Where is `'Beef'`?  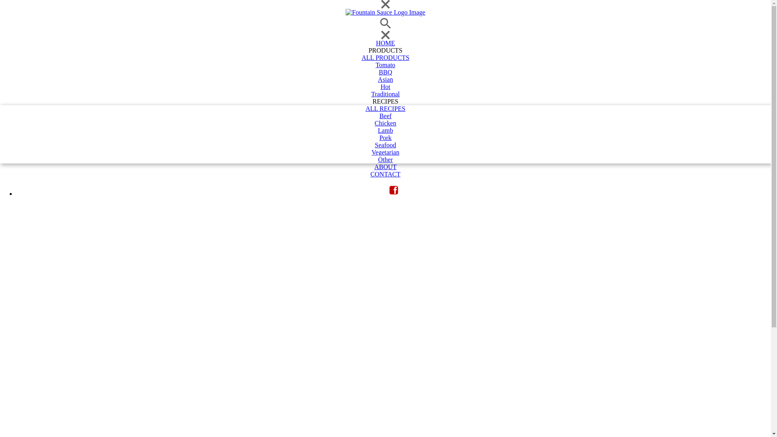
'Beef' is located at coordinates (385, 116).